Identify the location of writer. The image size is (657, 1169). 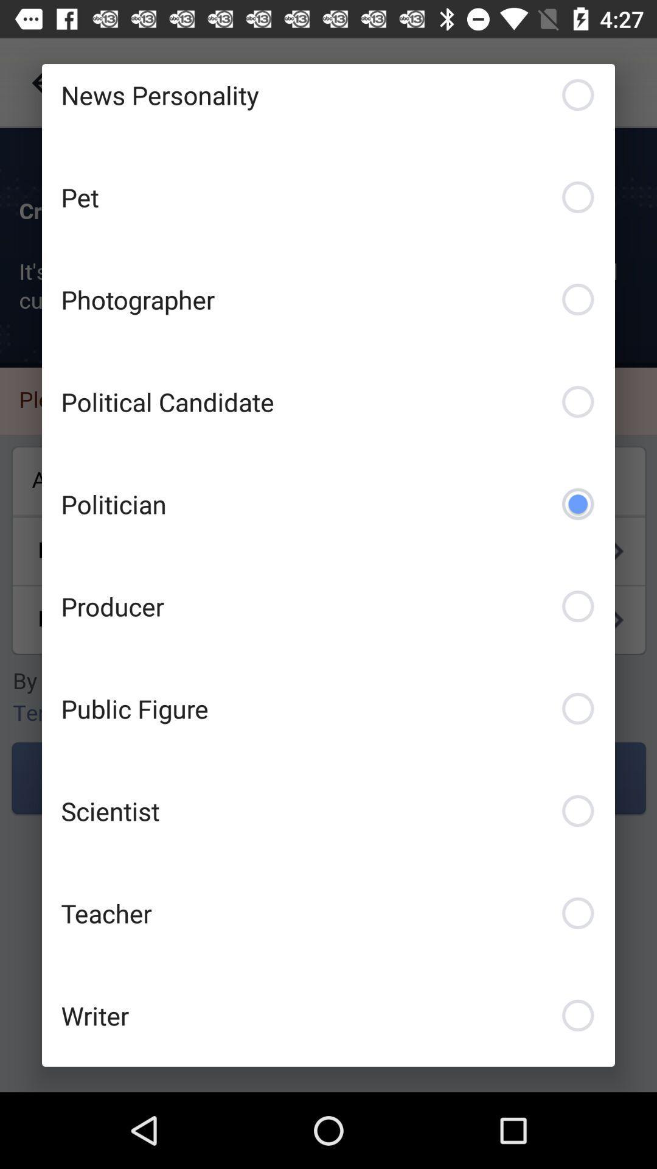
(328, 1016).